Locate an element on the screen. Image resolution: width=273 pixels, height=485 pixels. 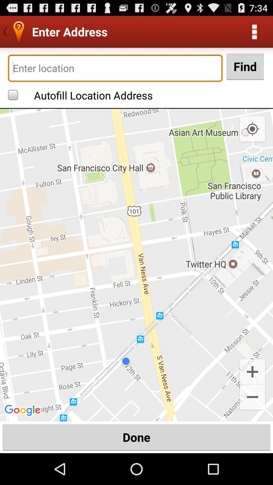
find item is located at coordinates (245, 66).